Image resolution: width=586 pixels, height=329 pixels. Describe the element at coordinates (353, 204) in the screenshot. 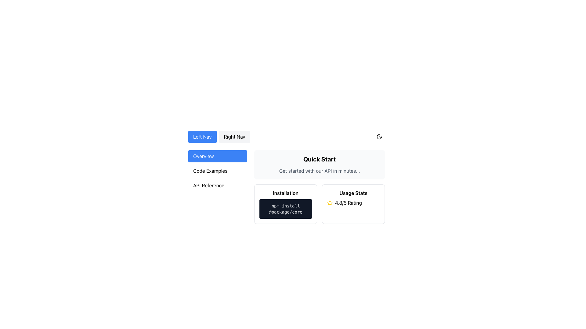

I see `the Informational card located in the 'Quick Start' section, which provides user satisfaction statistics and is positioned to the right of the 'Installation' box` at that location.